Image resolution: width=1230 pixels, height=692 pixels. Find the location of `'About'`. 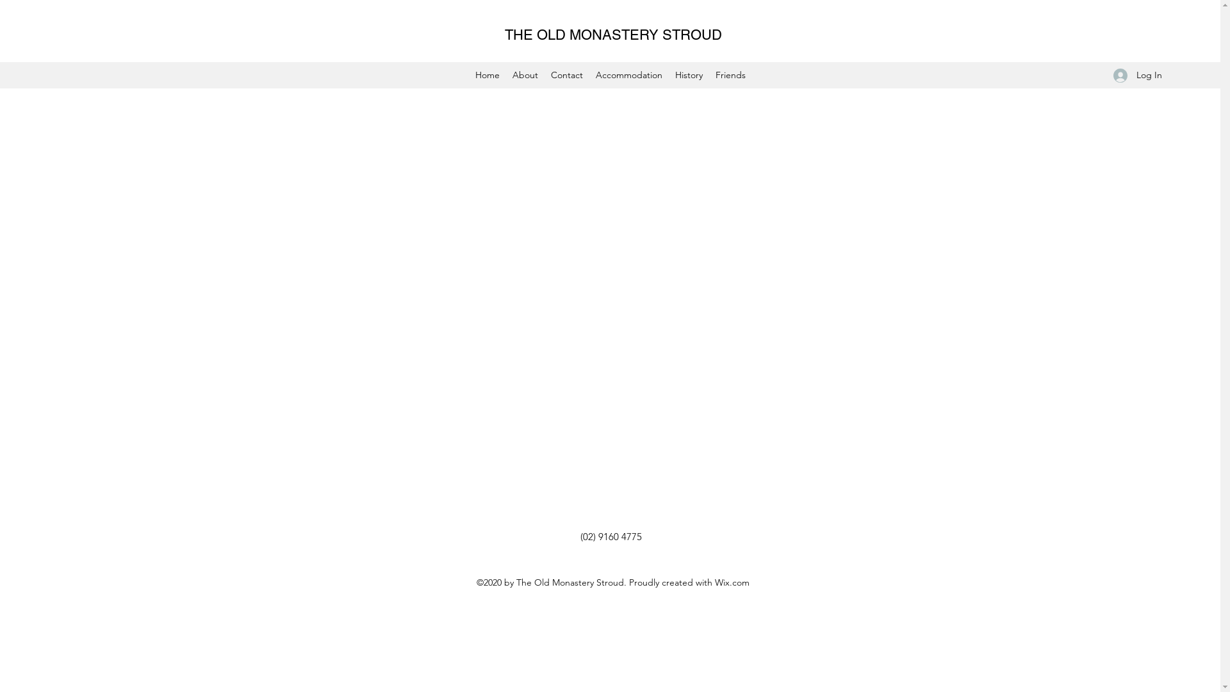

'About' is located at coordinates (525, 75).